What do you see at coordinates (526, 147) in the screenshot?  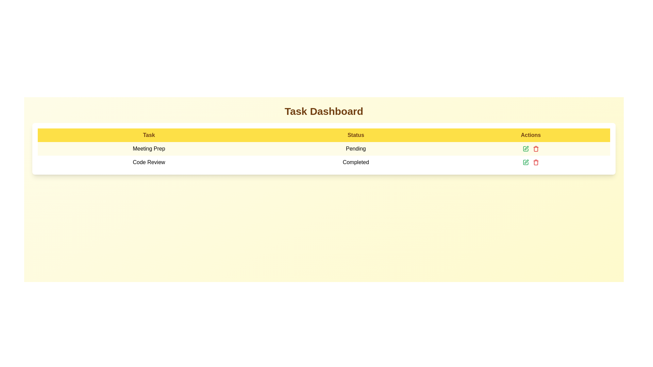 I see `the edit button located in the 'Actions' column of the second row for the task labeled 'Code Review'` at bounding box center [526, 147].